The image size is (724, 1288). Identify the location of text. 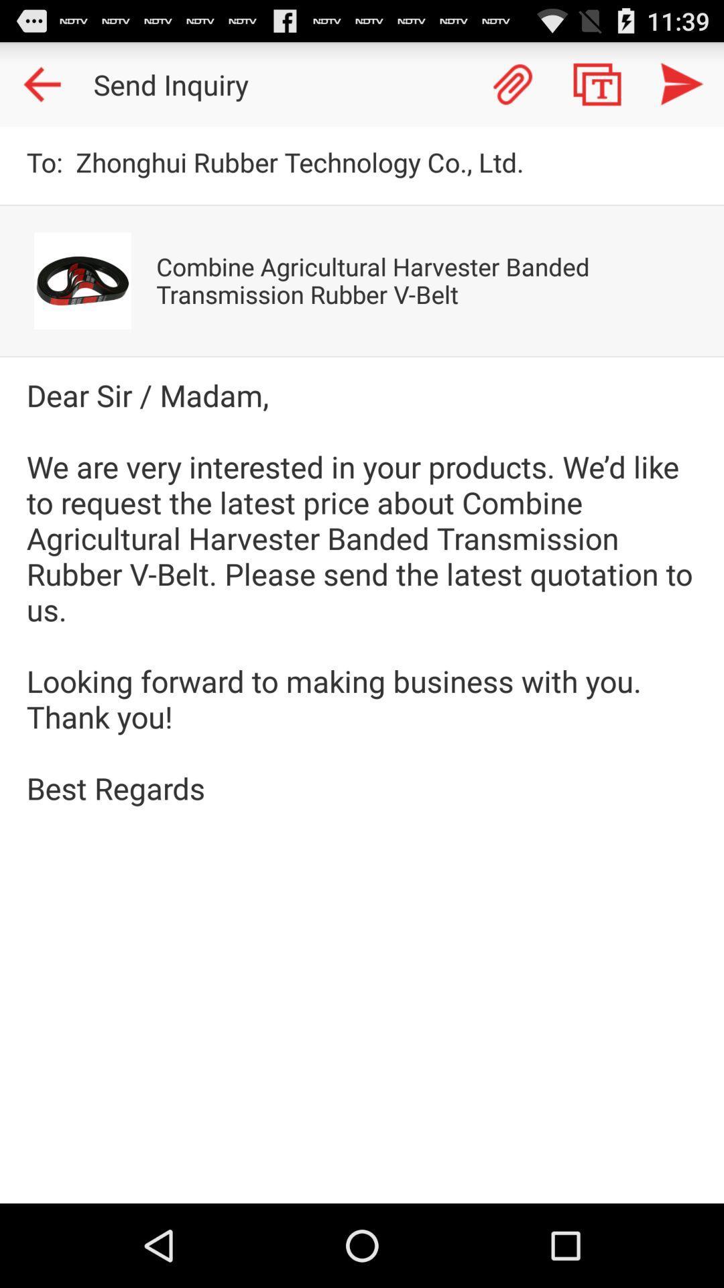
(597, 83).